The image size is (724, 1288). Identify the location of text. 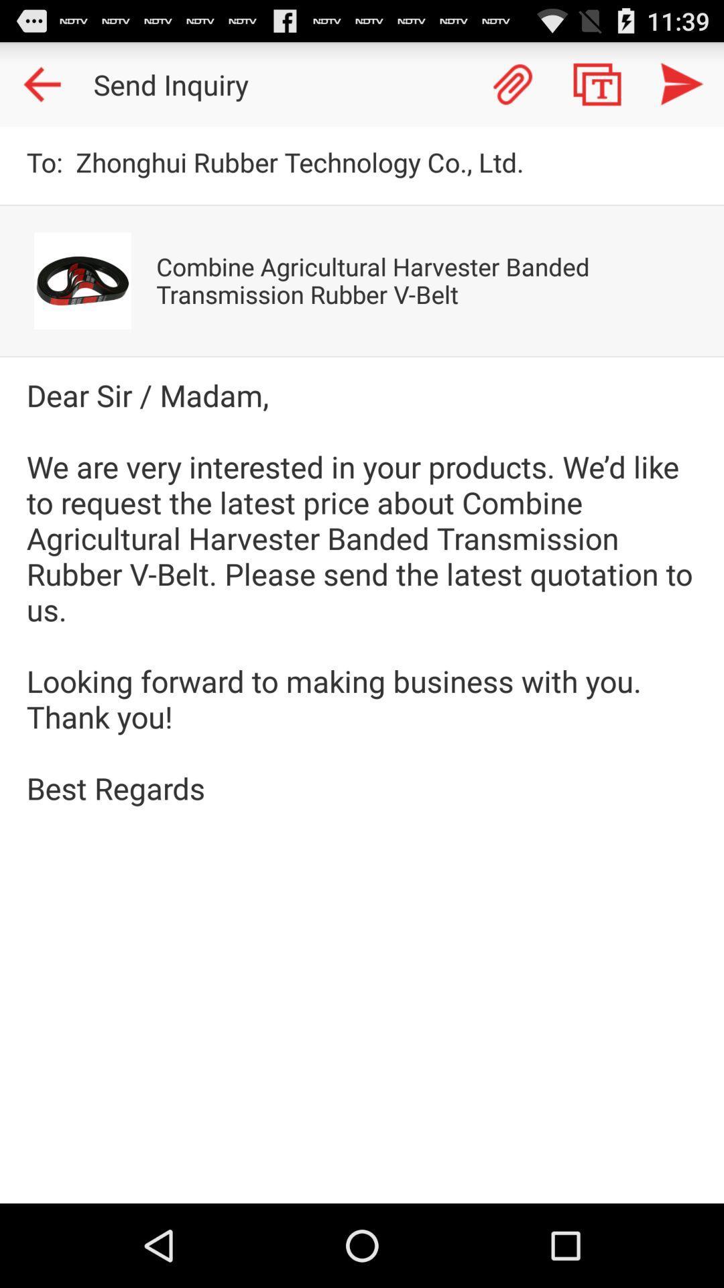
(597, 83).